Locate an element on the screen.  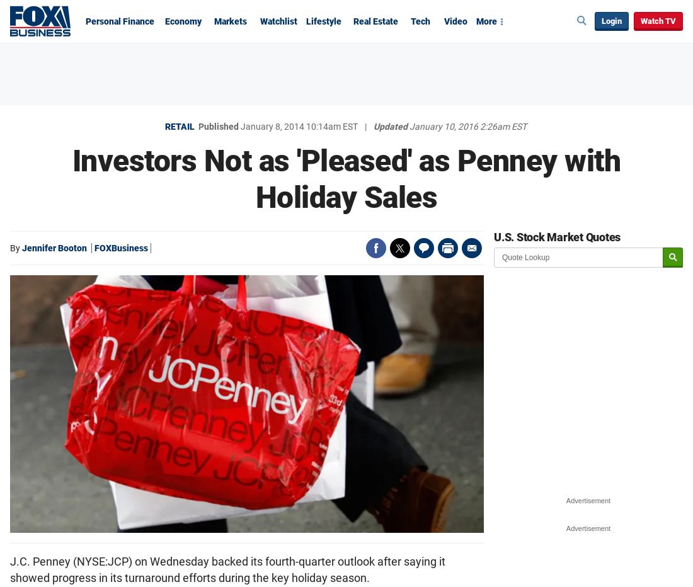
'January 8, 2014 10:14am EST' is located at coordinates (240, 127).